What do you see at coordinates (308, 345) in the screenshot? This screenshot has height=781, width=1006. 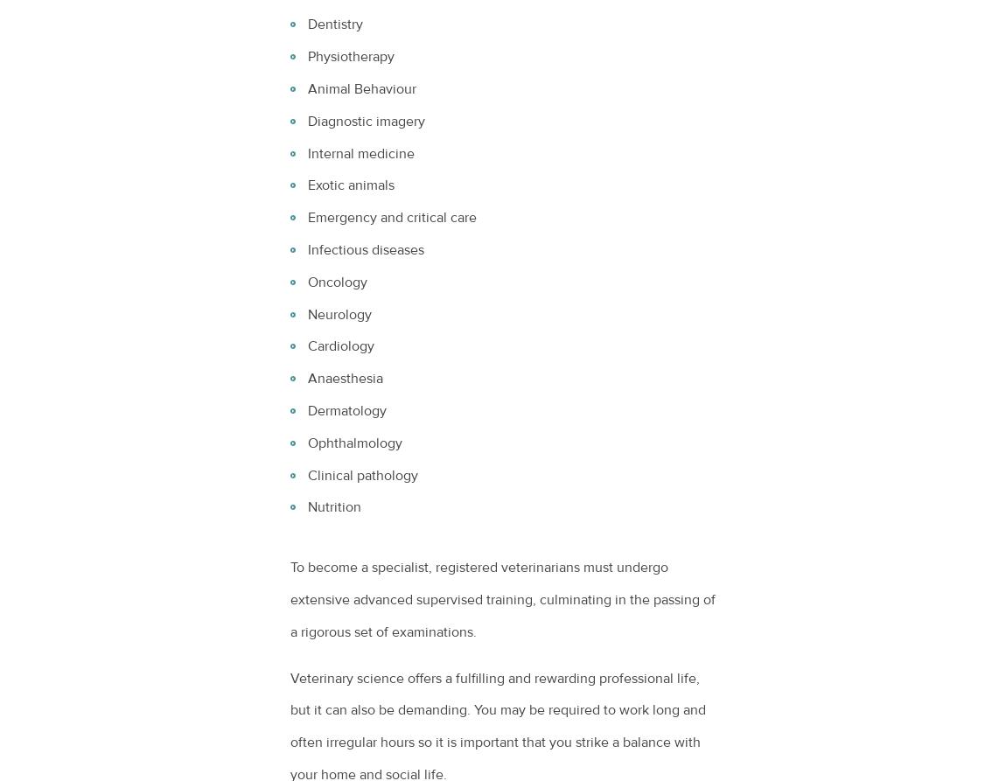 I see `'Cardiology'` at bounding box center [308, 345].